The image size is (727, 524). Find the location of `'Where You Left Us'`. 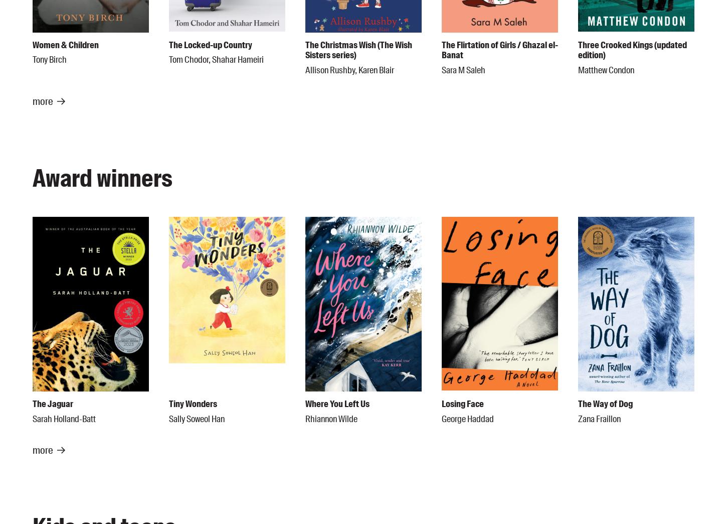

'Where You Left Us' is located at coordinates (336, 404).